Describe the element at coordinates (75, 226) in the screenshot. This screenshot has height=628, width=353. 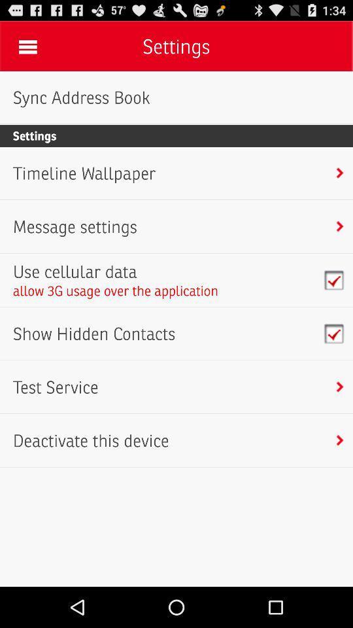
I see `message settings app` at that location.